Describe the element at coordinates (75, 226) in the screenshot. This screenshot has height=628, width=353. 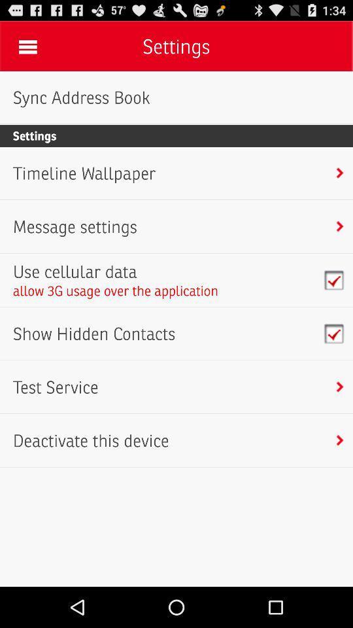
I see `message settings app` at that location.